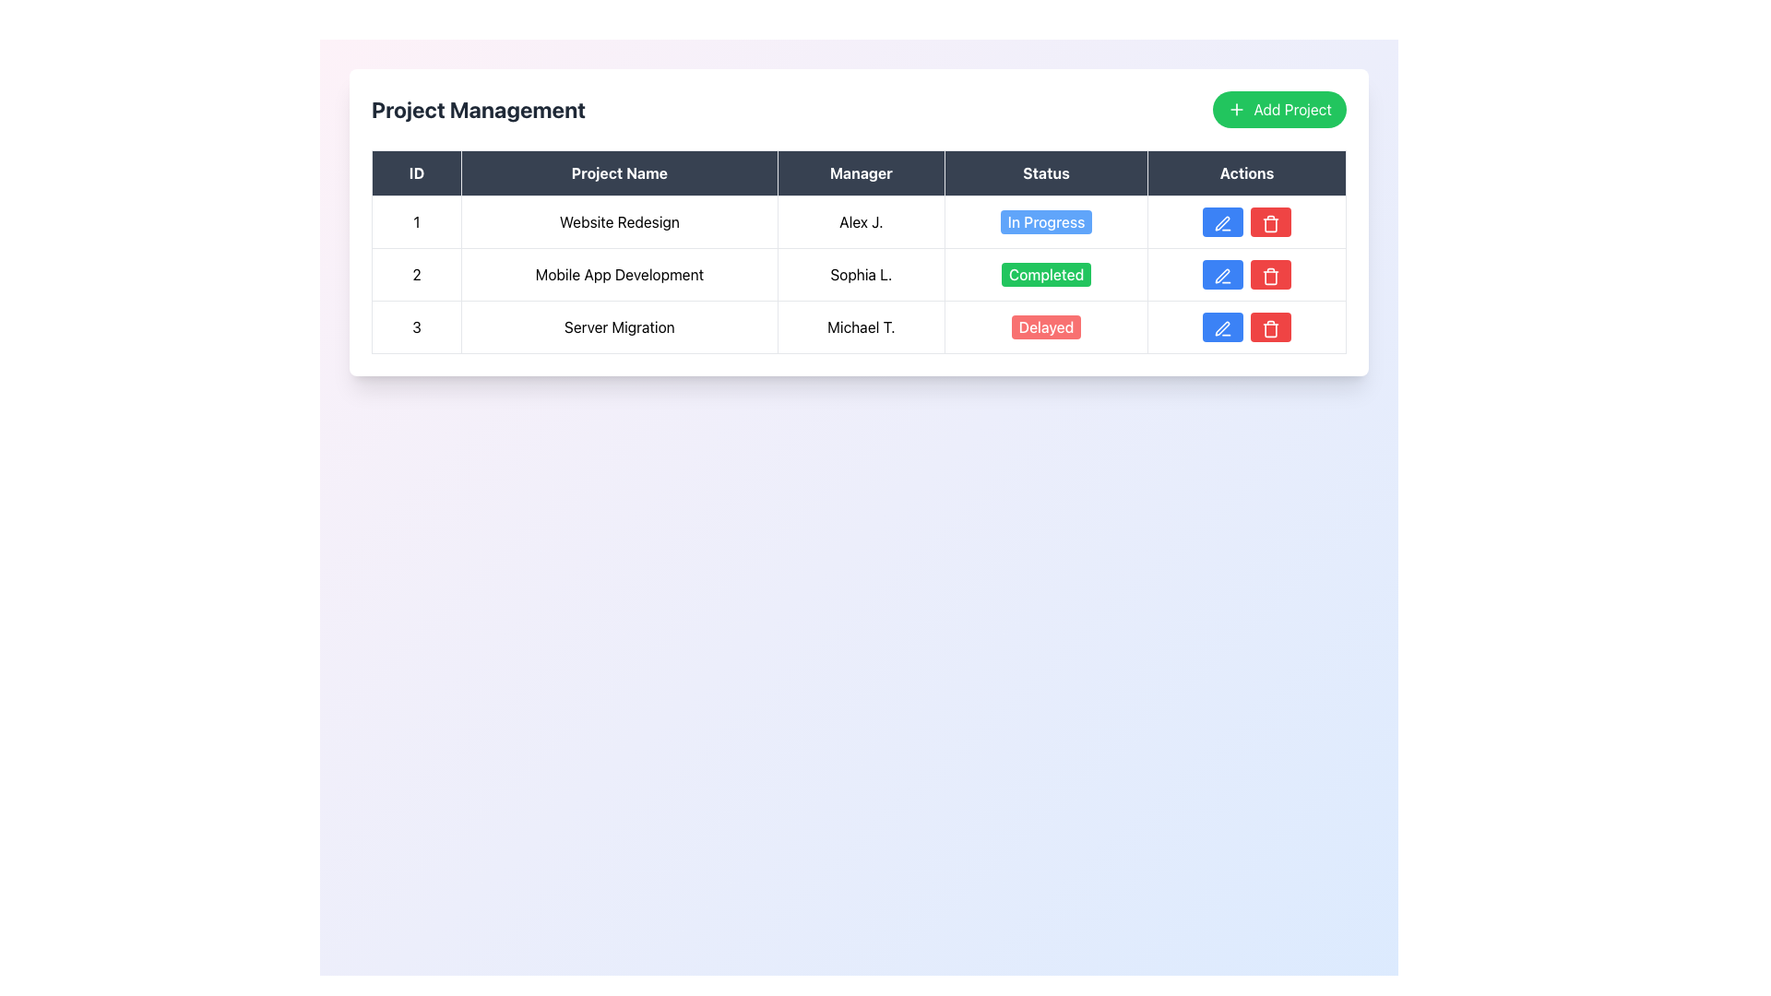  I want to click on the status indicator label that shows 'Mobile App Development' is completed, located in the 'Status' column of the second row in a project management table, so click(1046, 274).